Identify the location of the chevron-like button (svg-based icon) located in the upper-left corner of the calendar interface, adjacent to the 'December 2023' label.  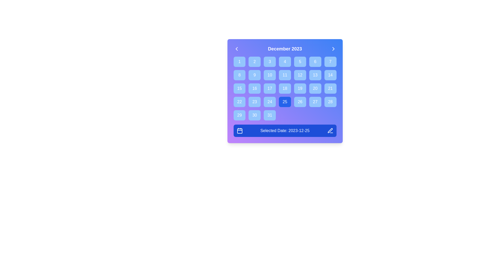
(236, 49).